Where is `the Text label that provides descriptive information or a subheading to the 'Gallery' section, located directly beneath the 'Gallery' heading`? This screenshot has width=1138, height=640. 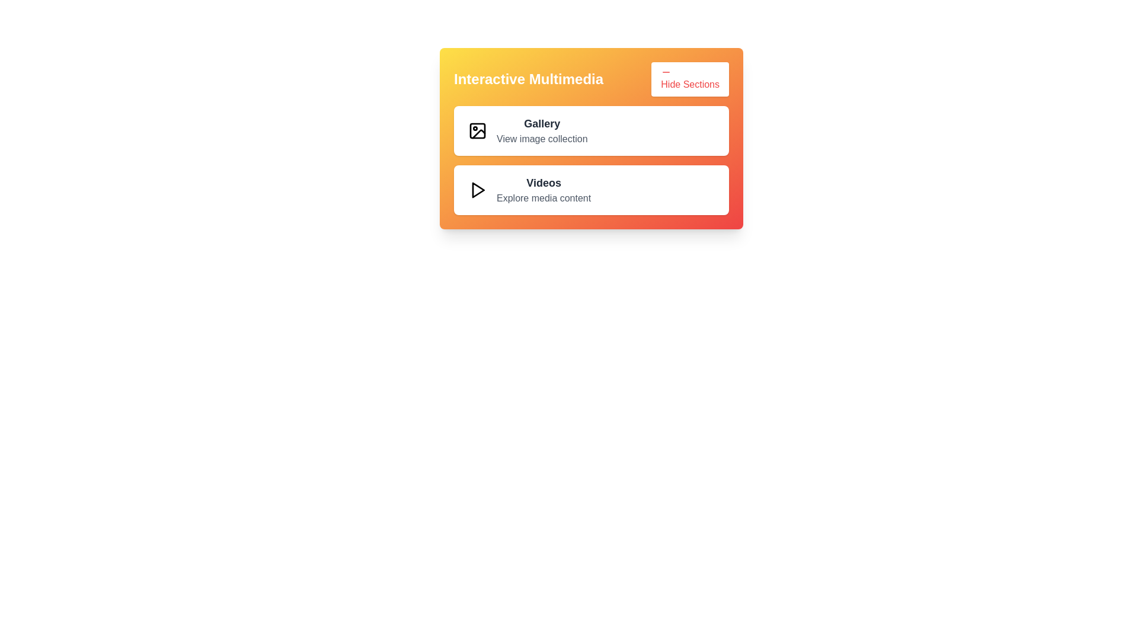
the Text label that provides descriptive information or a subheading to the 'Gallery' section, located directly beneath the 'Gallery' heading is located at coordinates (541, 139).